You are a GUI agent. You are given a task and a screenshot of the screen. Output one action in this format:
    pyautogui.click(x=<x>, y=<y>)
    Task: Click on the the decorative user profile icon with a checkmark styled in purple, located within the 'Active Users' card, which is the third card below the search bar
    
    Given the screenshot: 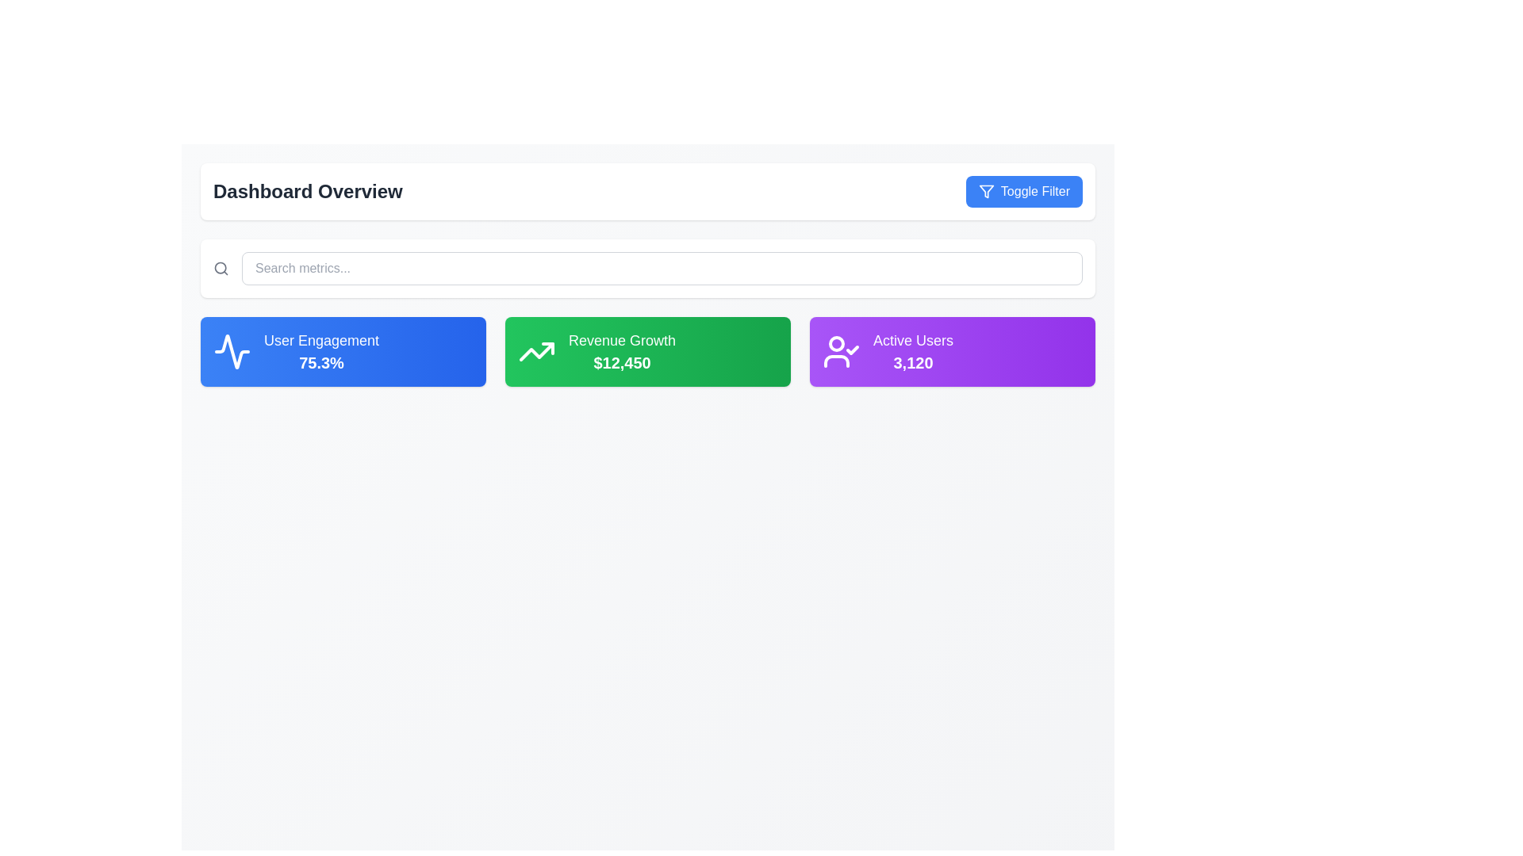 What is the action you would take?
    pyautogui.click(x=840, y=350)
    